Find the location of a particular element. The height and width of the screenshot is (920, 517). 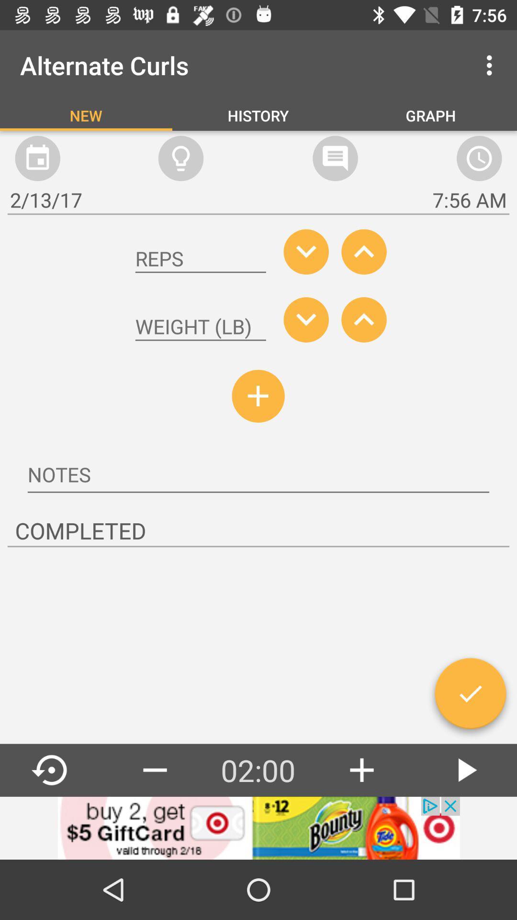

weight here is located at coordinates (200, 327).